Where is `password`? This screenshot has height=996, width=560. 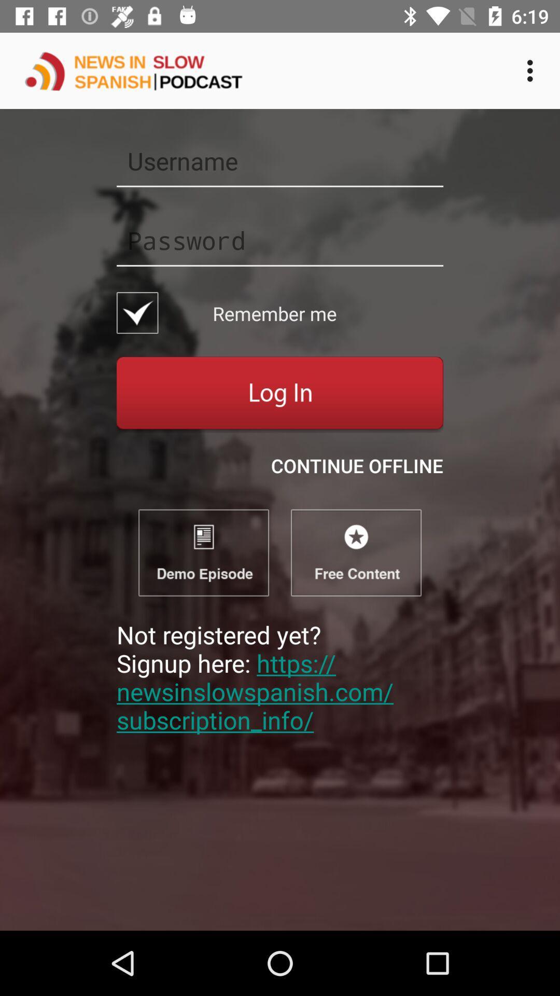 password is located at coordinates (280, 240).